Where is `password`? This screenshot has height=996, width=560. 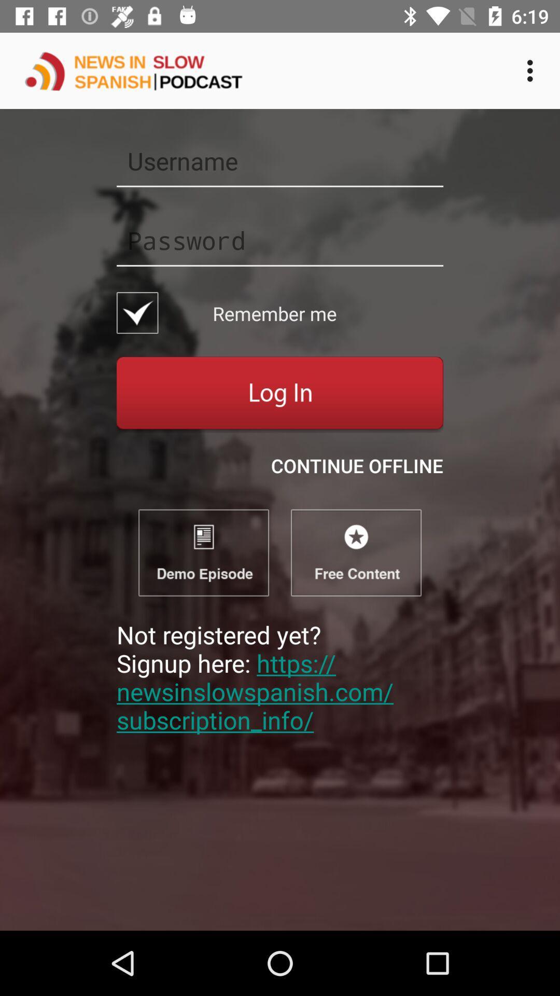 password is located at coordinates (280, 240).